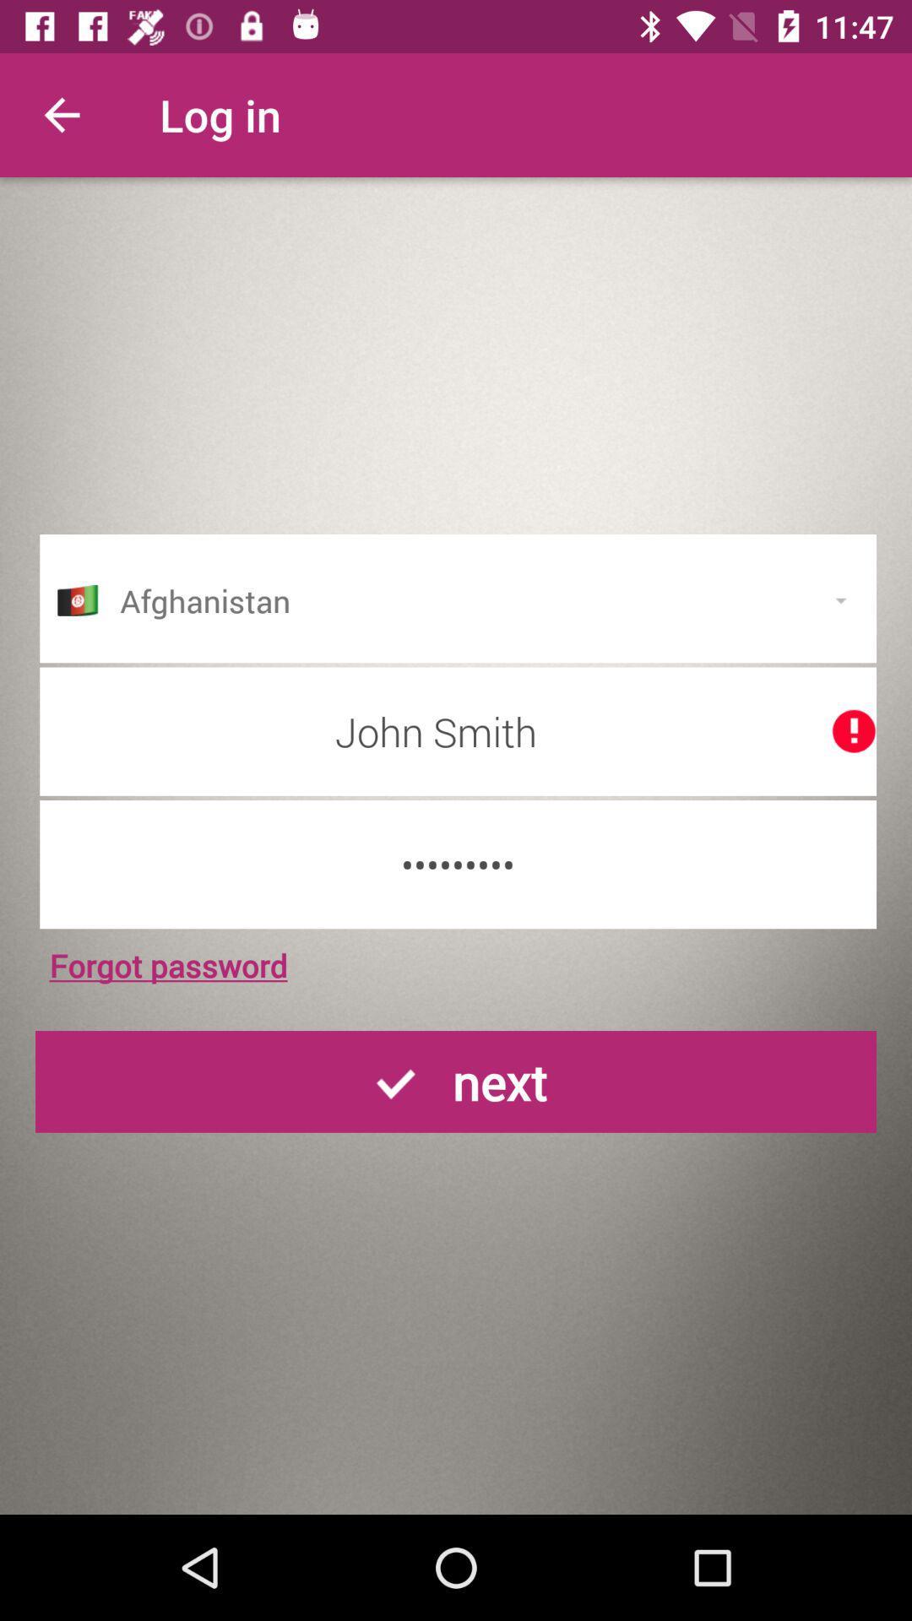 This screenshot has width=912, height=1621. Describe the element at coordinates (458, 865) in the screenshot. I see `crowd3116` at that location.